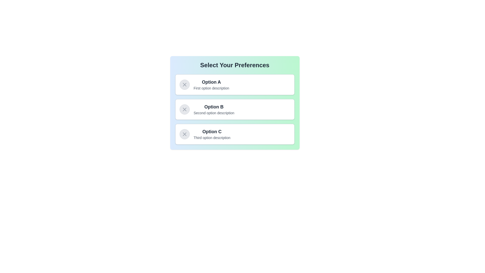 The height and width of the screenshot is (273, 485). What do you see at coordinates (234, 103) in the screenshot?
I see `the second selectable option titled 'Option B' in the preferences panel` at bounding box center [234, 103].